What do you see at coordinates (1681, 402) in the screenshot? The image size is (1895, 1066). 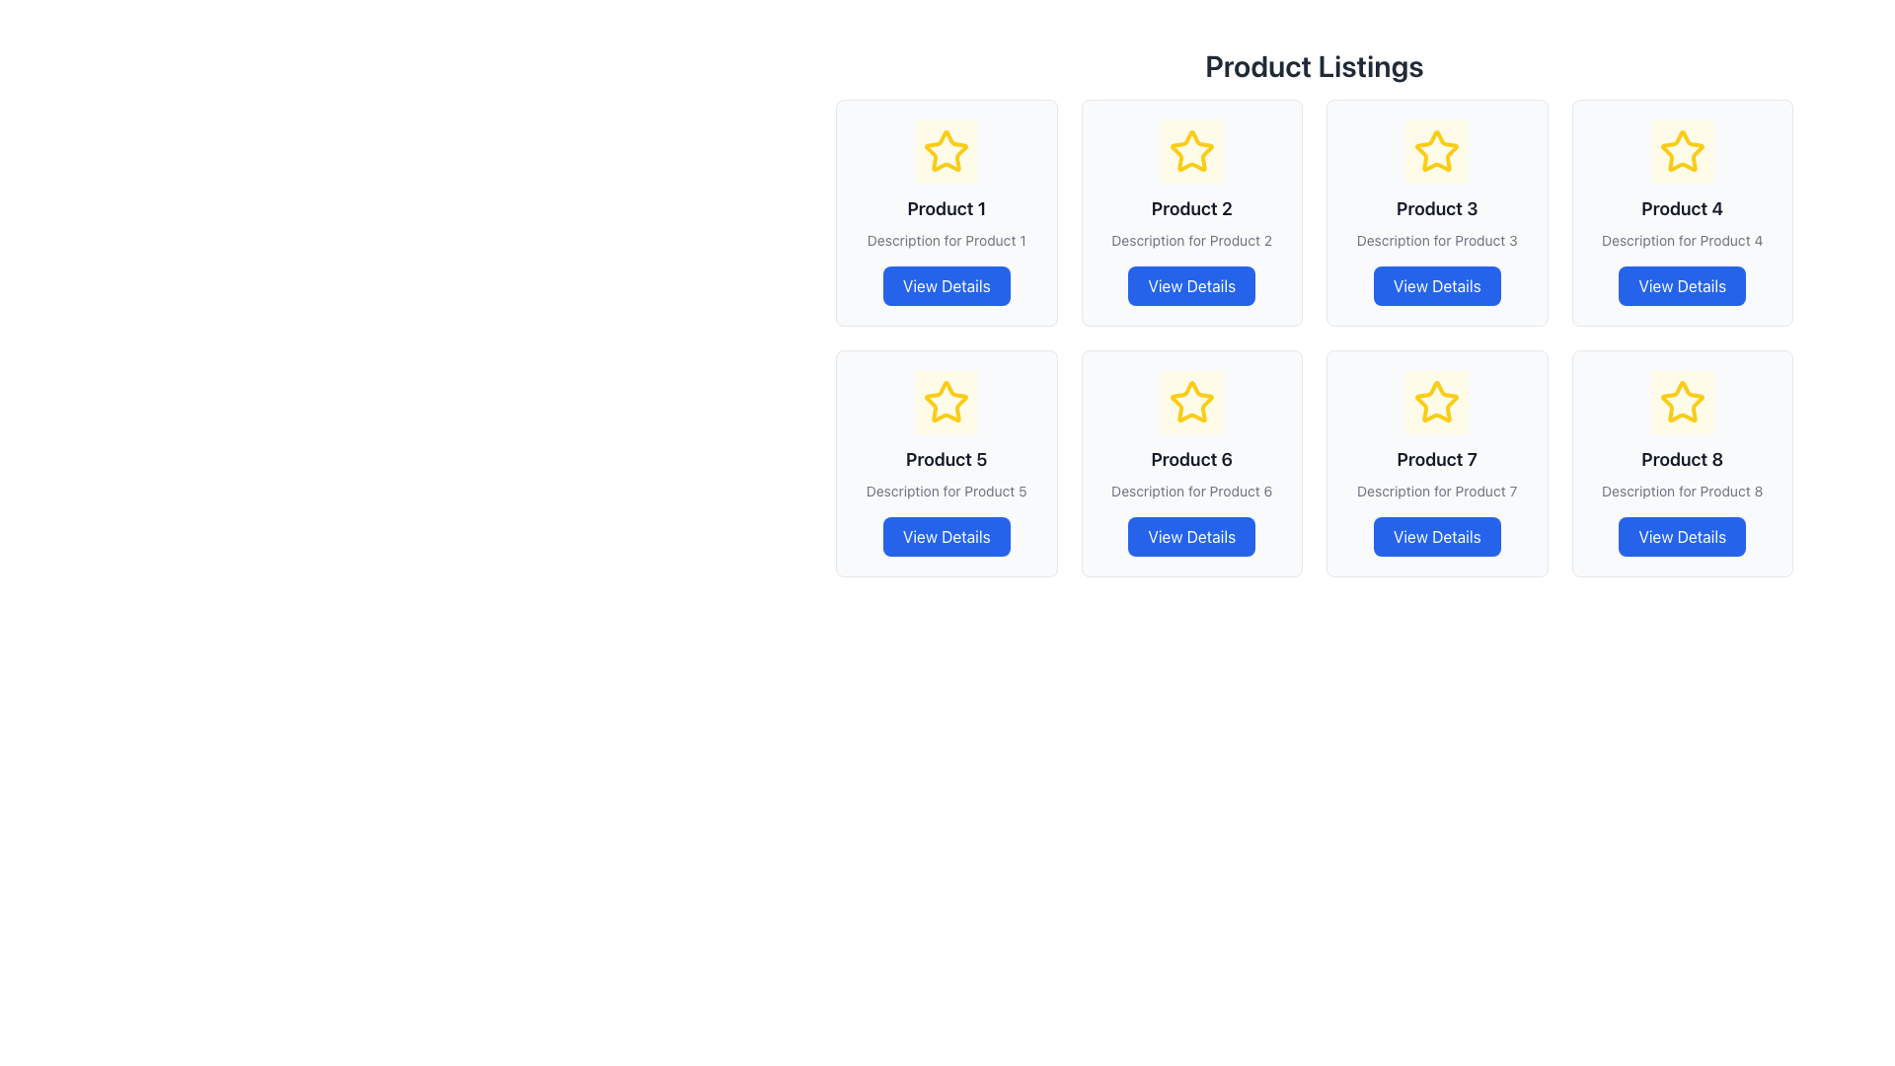 I see `the star-shaped icon with a yellow outline and transparent center located at the top-center of the 'Product 8' UI card, slightly above the text 'Product 8'` at bounding box center [1681, 402].